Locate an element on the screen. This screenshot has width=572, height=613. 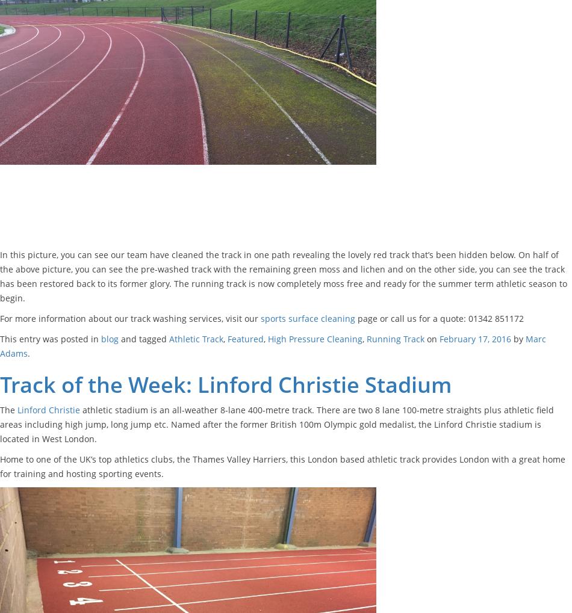
'on' is located at coordinates (424, 337).